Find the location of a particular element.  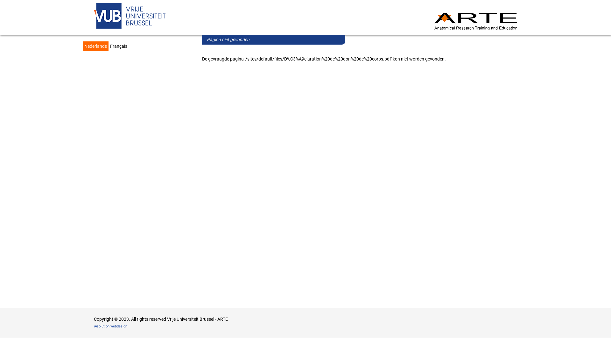

'Nederlands' is located at coordinates (82, 46).